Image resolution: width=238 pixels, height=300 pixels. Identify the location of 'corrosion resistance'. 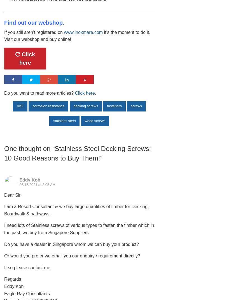
(48, 106).